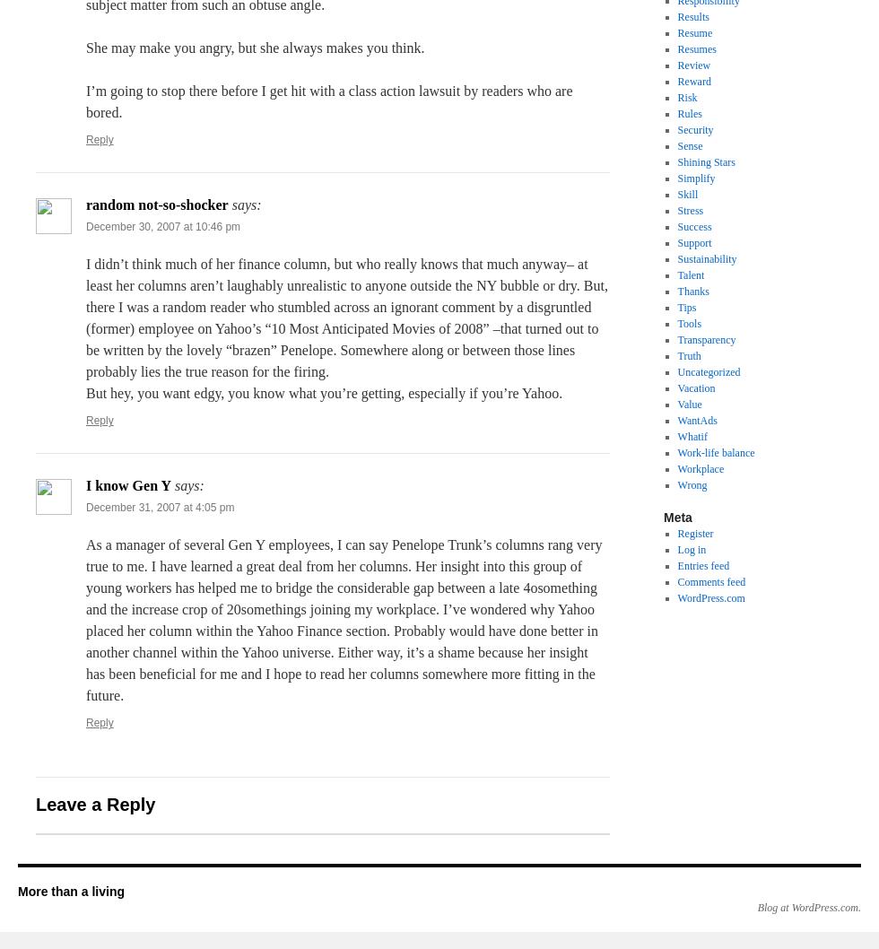 This screenshot has width=879, height=949. Describe the element at coordinates (756, 906) in the screenshot. I see `'Blog at WordPress.com.'` at that location.